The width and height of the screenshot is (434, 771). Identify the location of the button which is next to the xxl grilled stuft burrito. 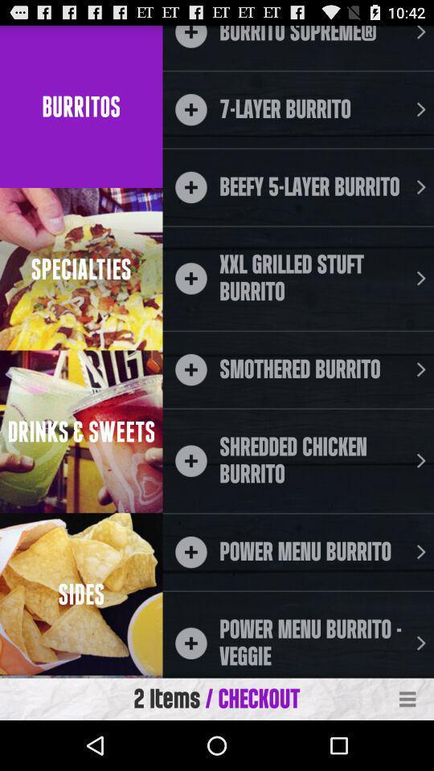
(421, 279).